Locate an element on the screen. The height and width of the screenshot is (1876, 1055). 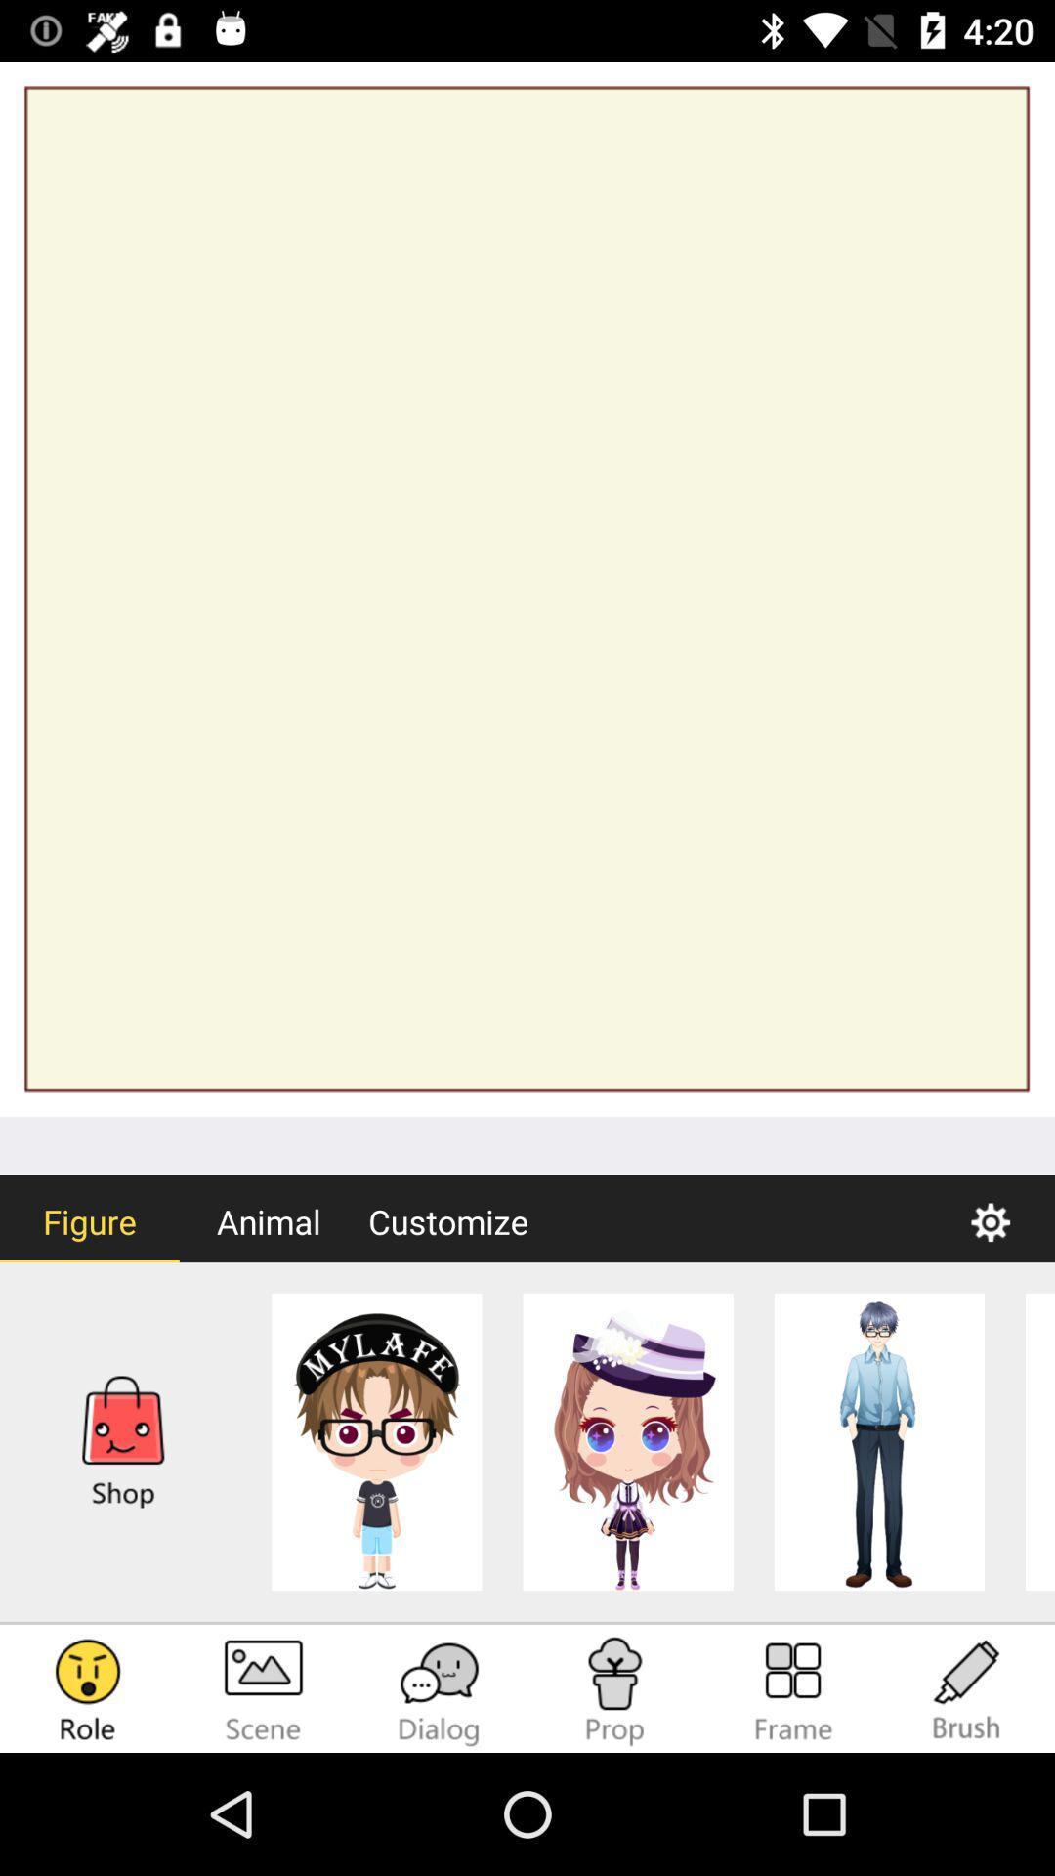
the emoji icon is located at coordinates (86, 1690).